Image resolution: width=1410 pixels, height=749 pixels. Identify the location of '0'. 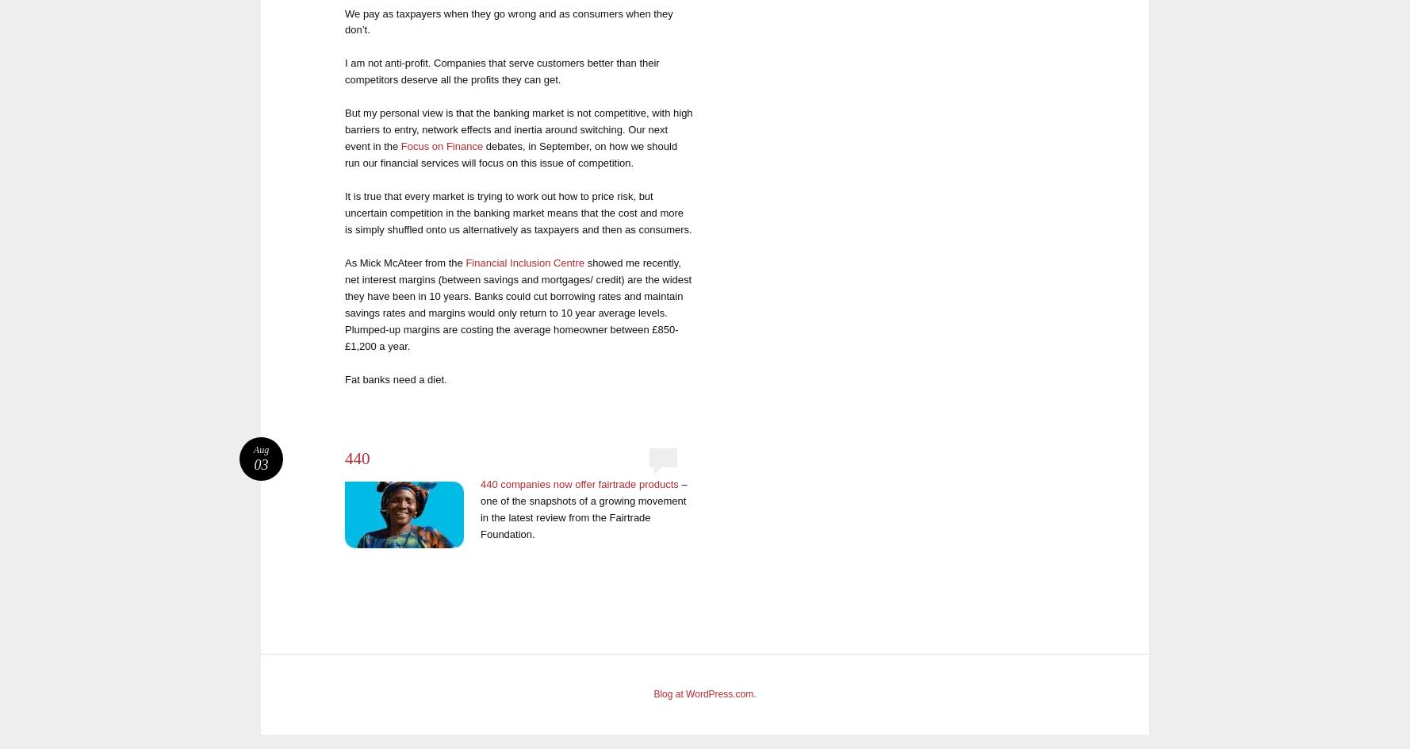
(662, 456).